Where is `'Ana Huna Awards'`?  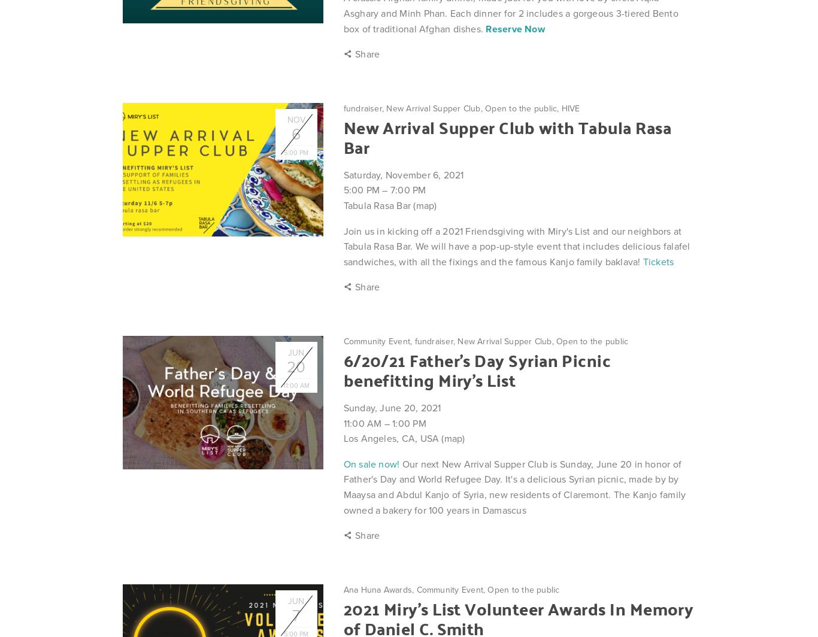 'Ana Huna Awards' is located at coordinates (377, 589).